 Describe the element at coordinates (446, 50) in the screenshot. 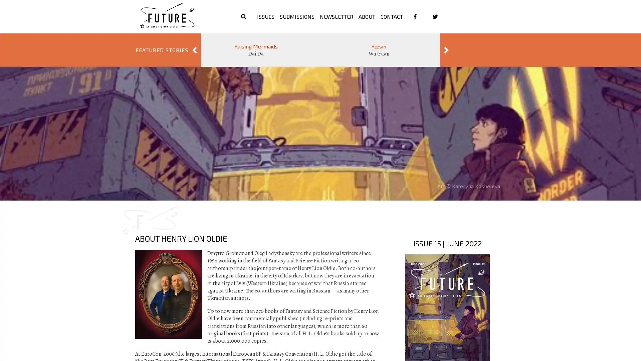

I see `Next` at that location.